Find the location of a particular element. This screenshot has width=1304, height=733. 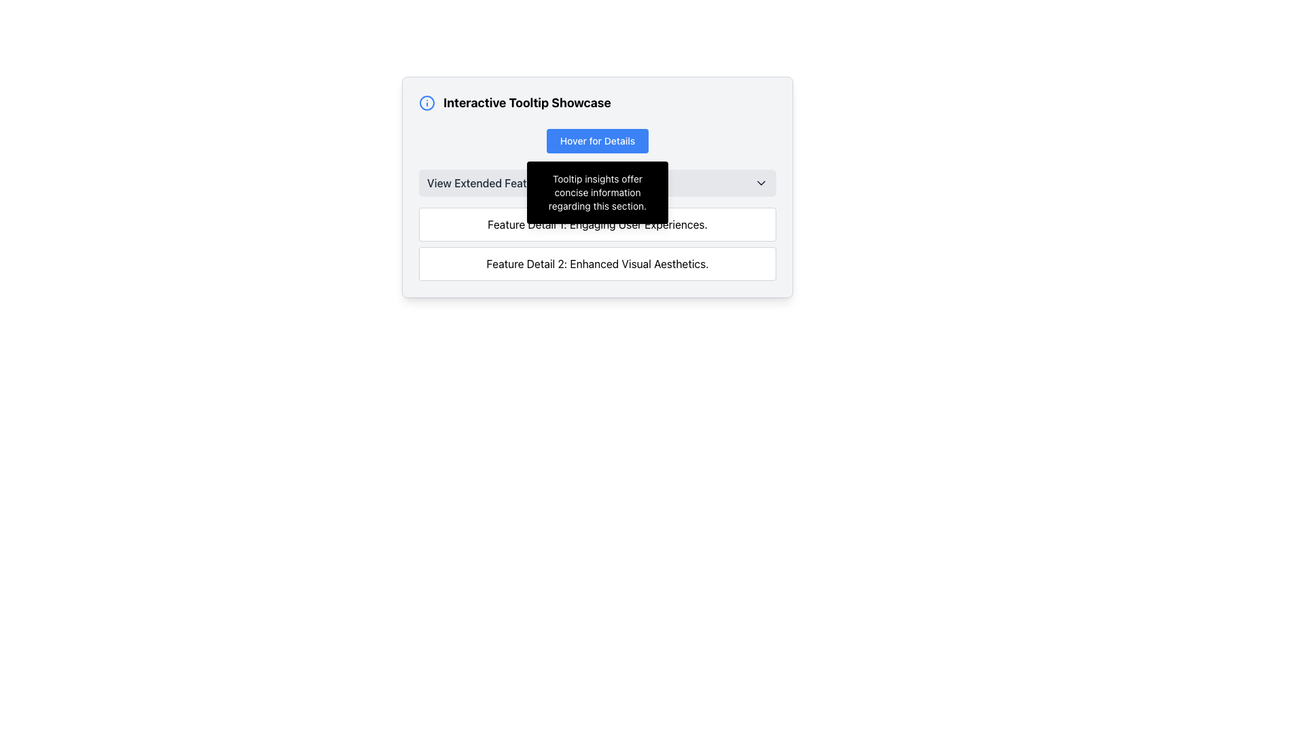

the heading element labeled 'Interactive Tooltip Showcase' that contains a blue information icon and is styled with bold black font is located at coordinates (597, 102).